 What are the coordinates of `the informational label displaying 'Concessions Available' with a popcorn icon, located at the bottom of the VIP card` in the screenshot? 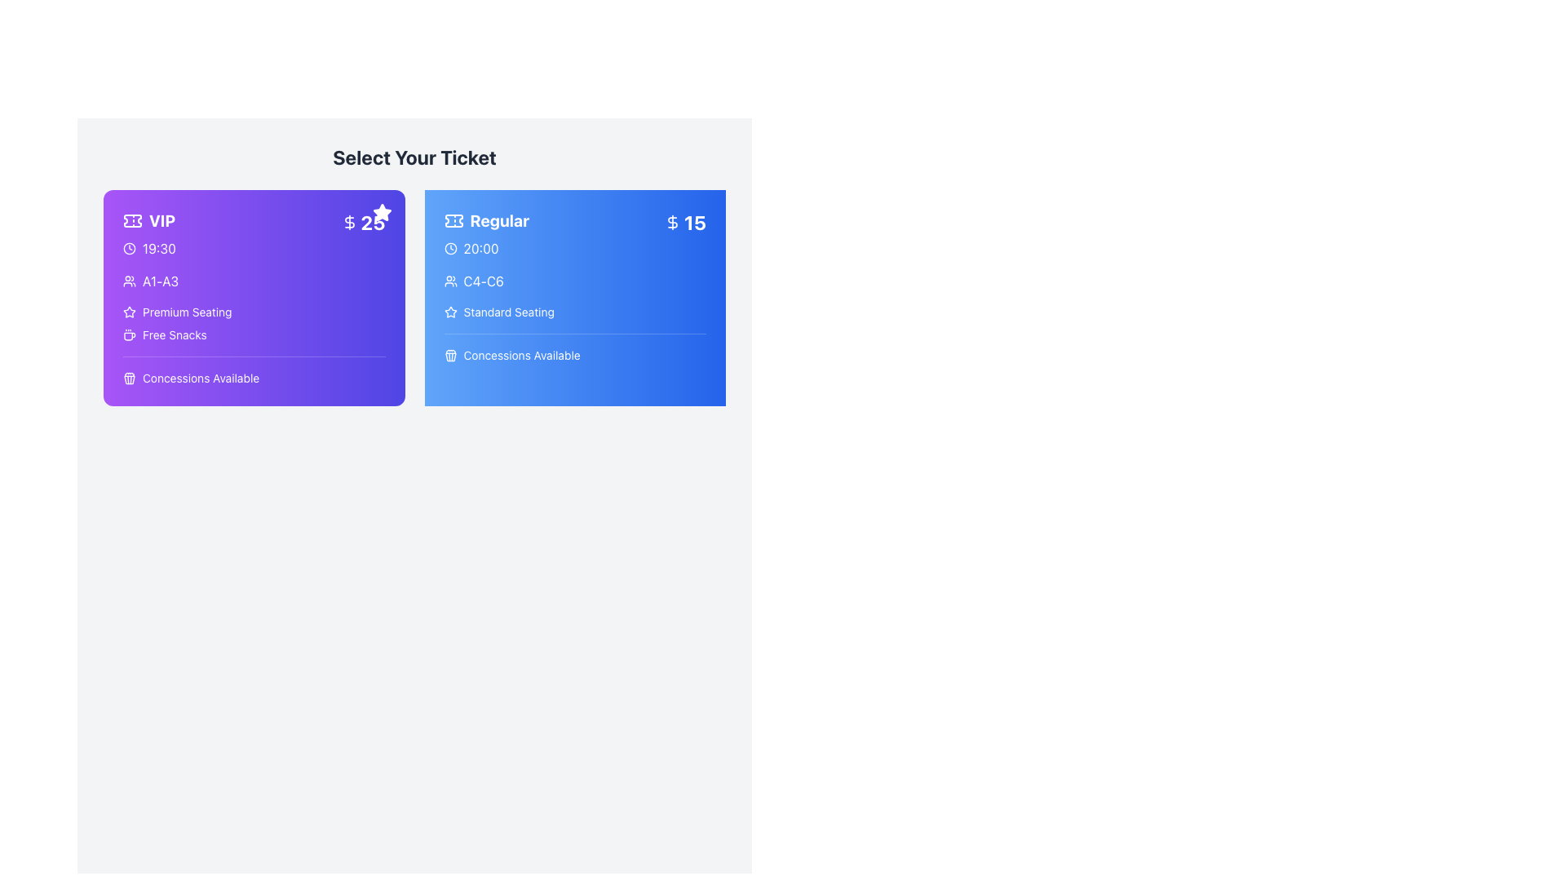 It's located at (253, 371).